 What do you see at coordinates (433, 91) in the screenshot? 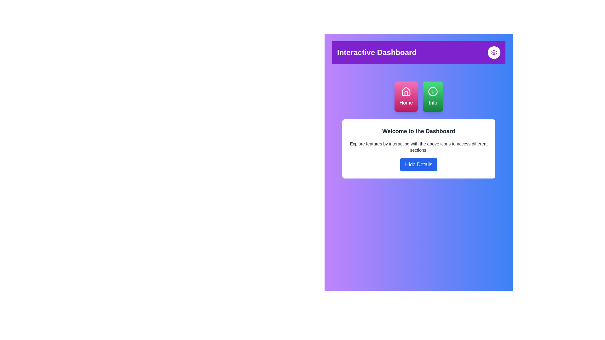
I see `the 'Info' button, which is located to the right of the 'Home' button in the central section of the dashboard` at bounding box center [433, 91].